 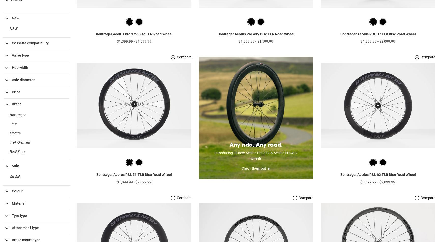 What do you see at coordinates (256, 42) in the screenshot?
I see `'Bontrager Aeolus Pro 49V Disc TLR Road Wheel'` at bounding box center [256, 42].